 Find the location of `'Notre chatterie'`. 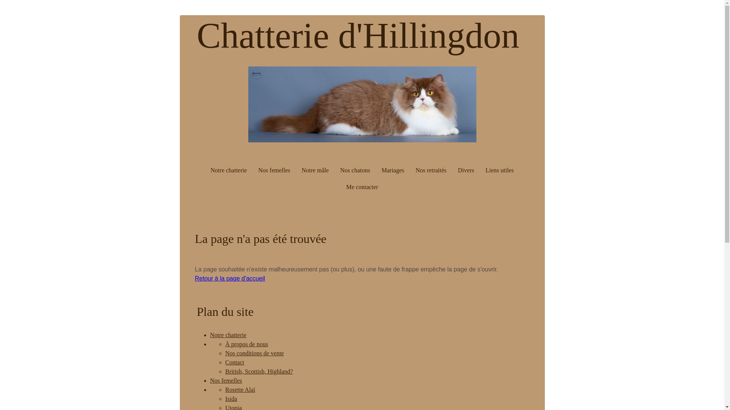

'Notre chatterie' is located at coordinates (228, 334).